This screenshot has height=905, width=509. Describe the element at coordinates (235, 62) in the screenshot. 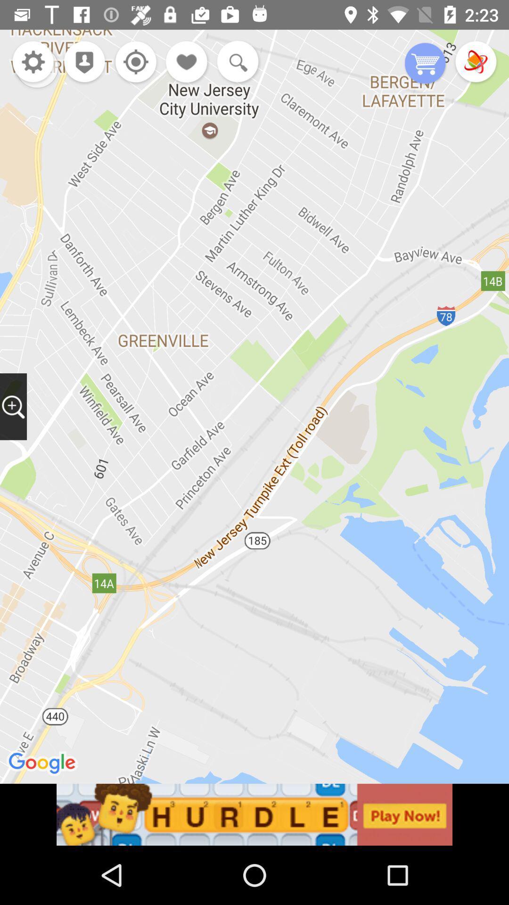

I see `search option` at that location.